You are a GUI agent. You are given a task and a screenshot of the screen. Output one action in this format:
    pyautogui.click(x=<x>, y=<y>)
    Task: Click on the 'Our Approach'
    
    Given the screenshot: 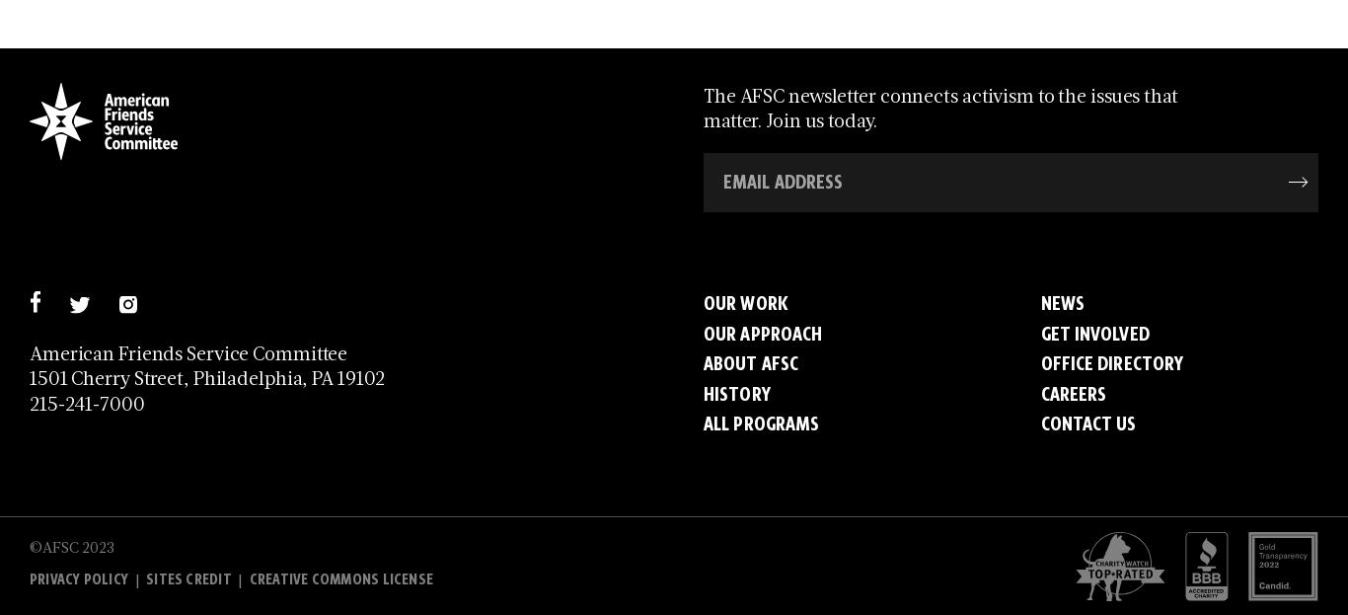 What is the action you would take?
    pyautogui.click(x=763, y=333)
    